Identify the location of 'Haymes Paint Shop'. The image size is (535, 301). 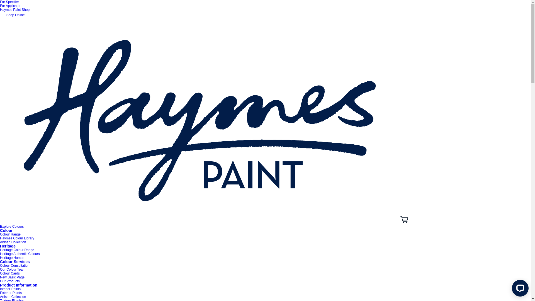
(14, 9).